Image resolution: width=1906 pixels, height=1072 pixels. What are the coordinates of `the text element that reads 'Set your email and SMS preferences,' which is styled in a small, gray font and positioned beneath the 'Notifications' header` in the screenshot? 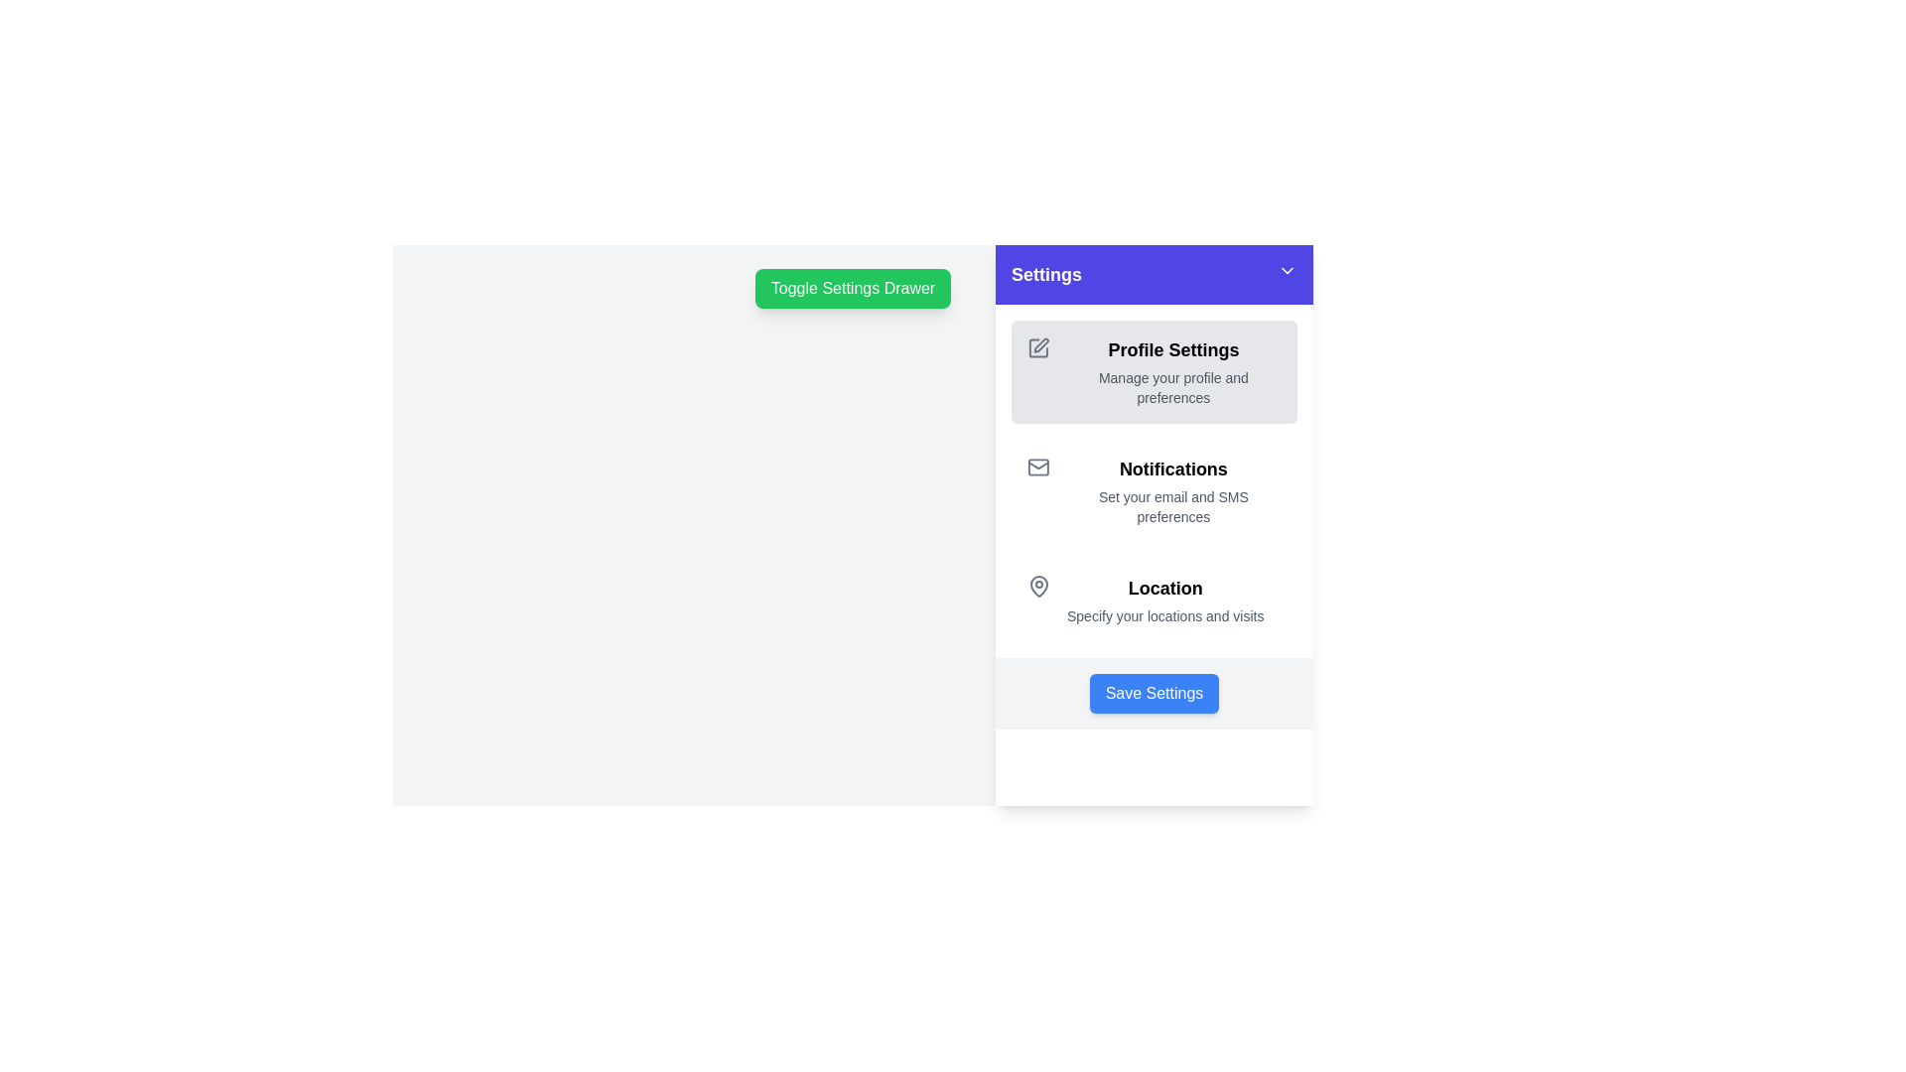 It's located at (1173, 505).